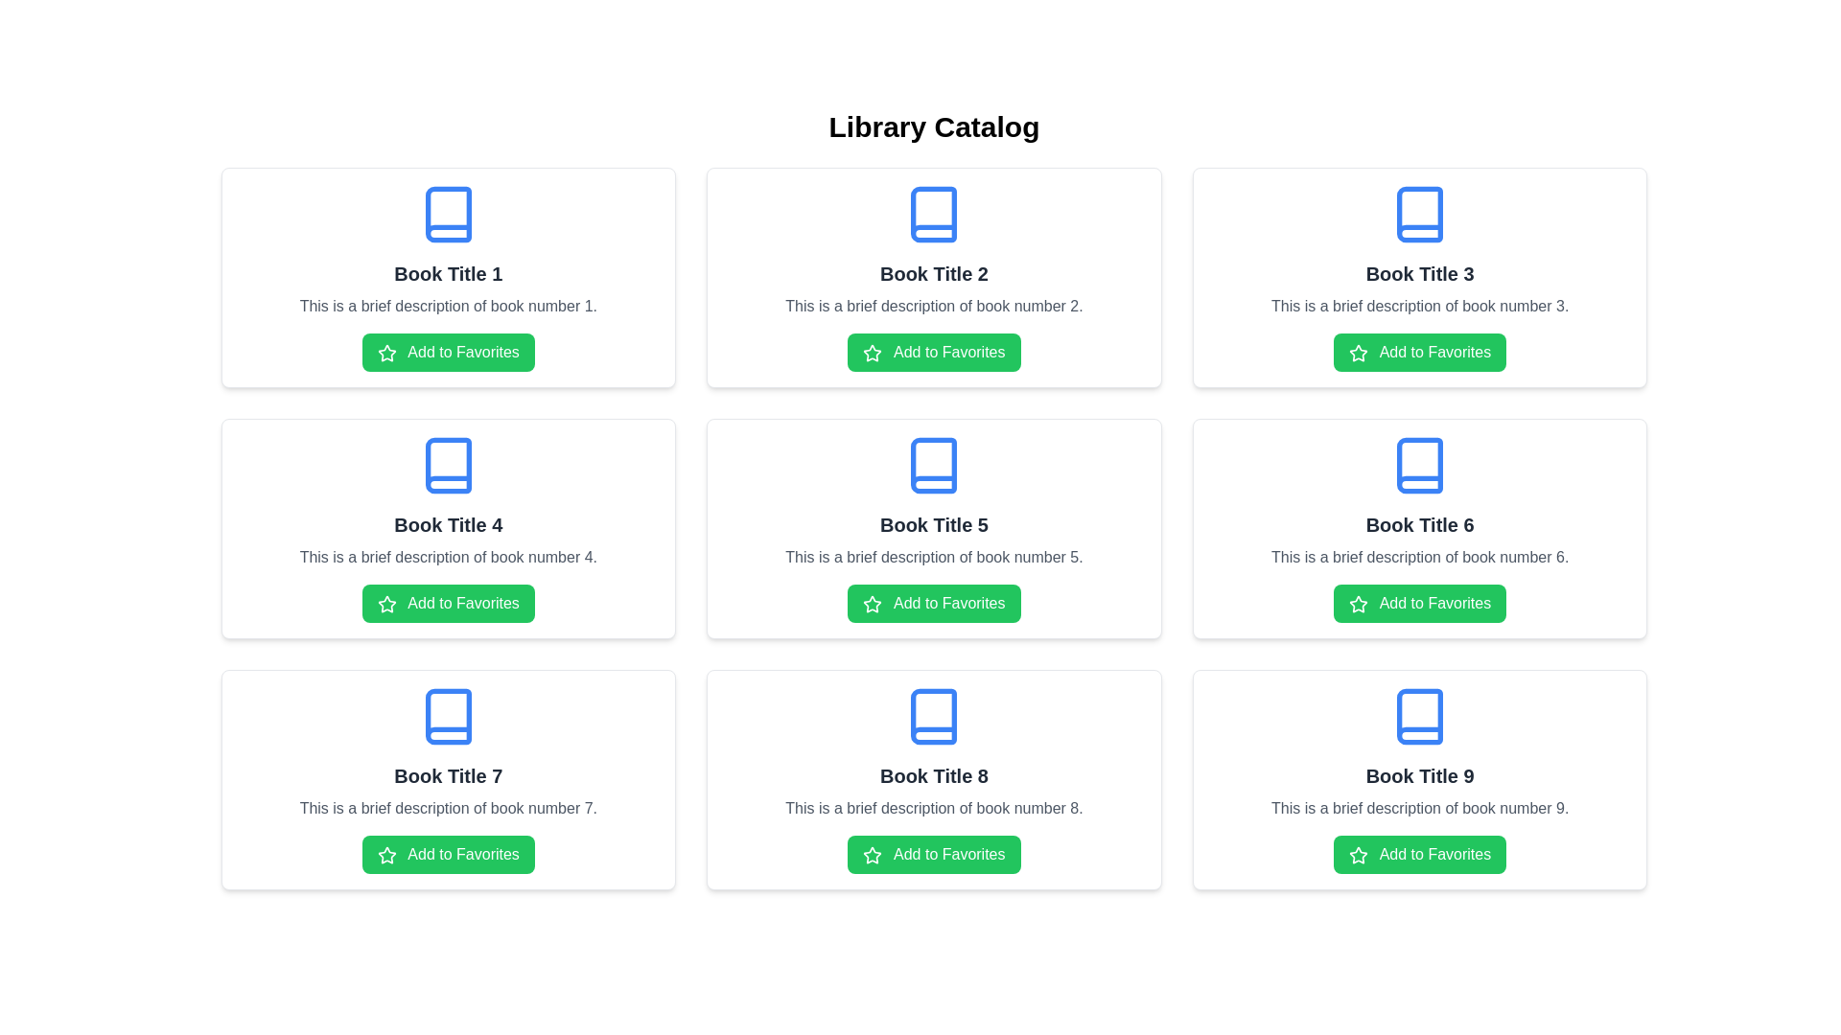  What do you see at coordinates (447, 809) in the screenshot?
I see `the text label that reads 'This is a brief description of book number 7', located below 'Book Title 7' and above the 'Add to Favorites' button` at bounding box center [447, 809].